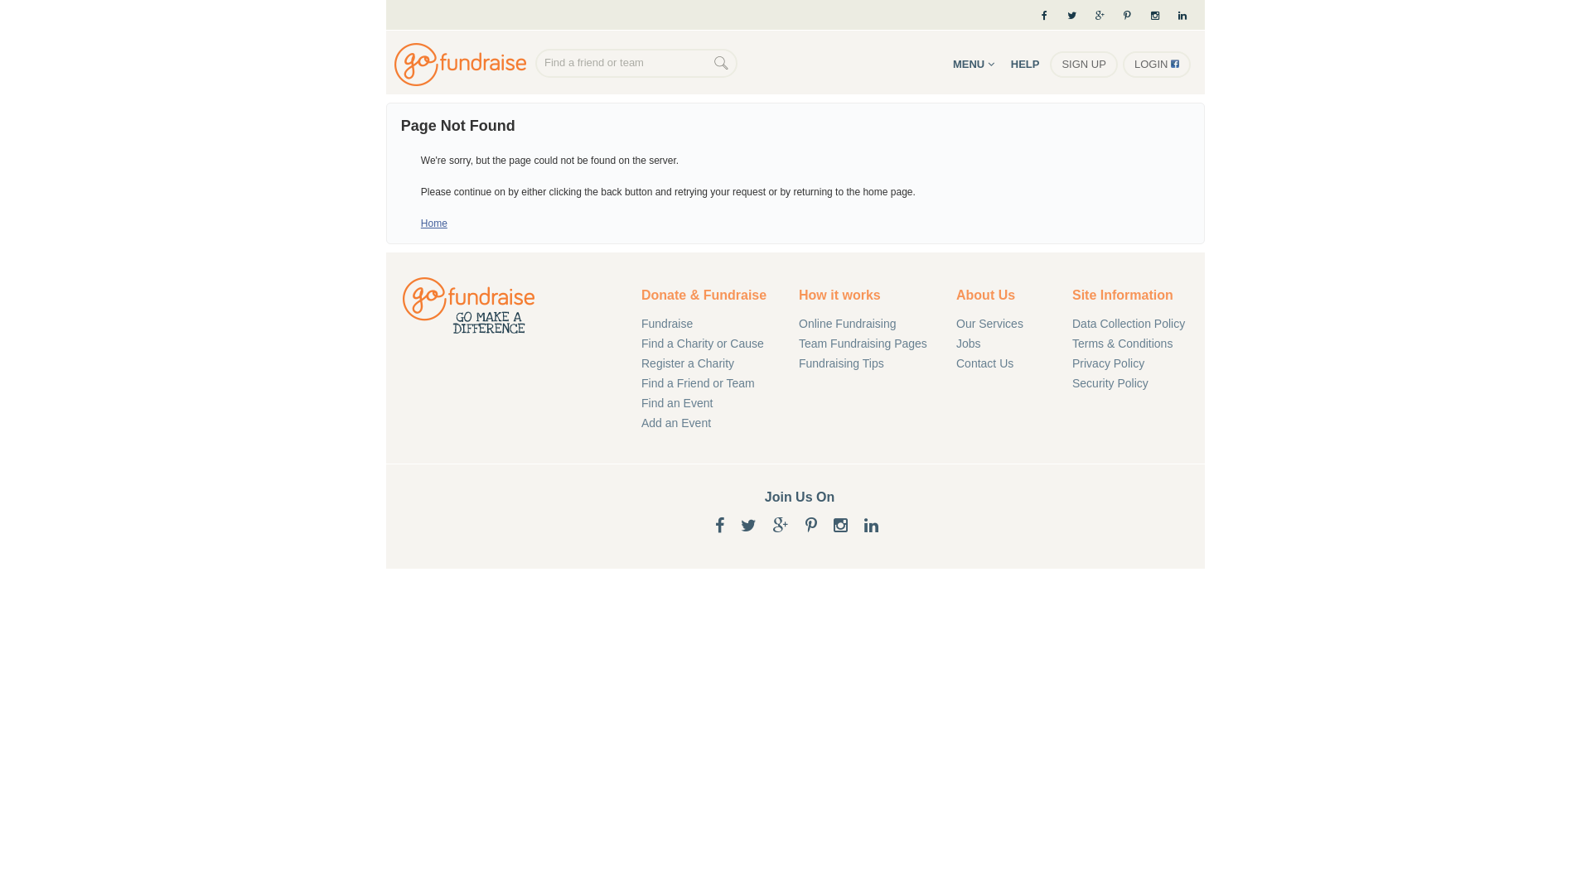 The image size is (1591, 894). What do you see at coordinates (1001, 323) in the screenshot?
I see `'Our Services'` at bounding box center [1001, 323].